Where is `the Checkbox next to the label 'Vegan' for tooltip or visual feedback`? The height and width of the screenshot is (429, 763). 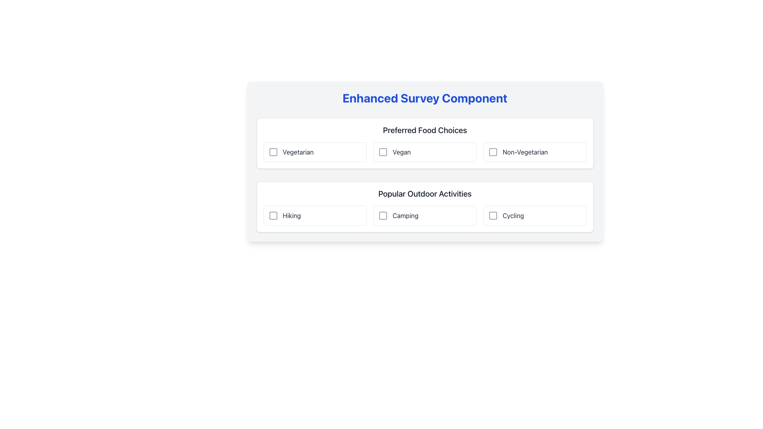 the Checkbox next to the label 'Vegan' for tooltip or visual feedback is located at coordinates (383, 152).